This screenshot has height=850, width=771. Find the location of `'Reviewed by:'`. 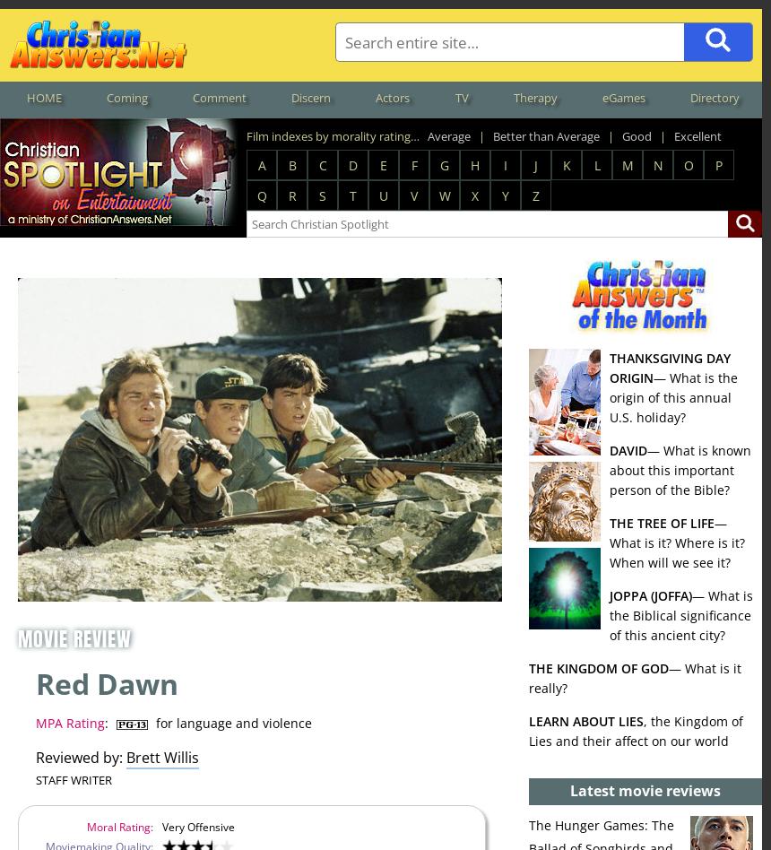

'Reviewed by:' is located at coordinates (78, 757).